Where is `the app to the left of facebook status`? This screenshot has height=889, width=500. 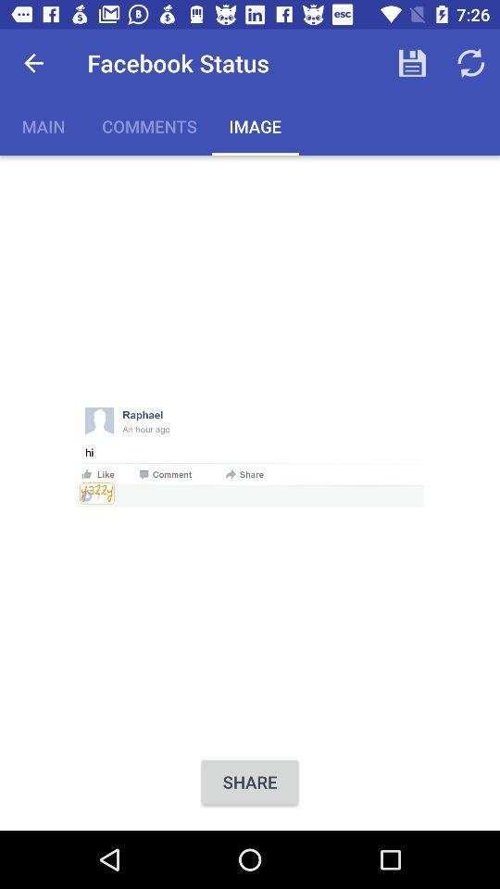 the app to the left of facebook status is located at coordinates (33, 63).